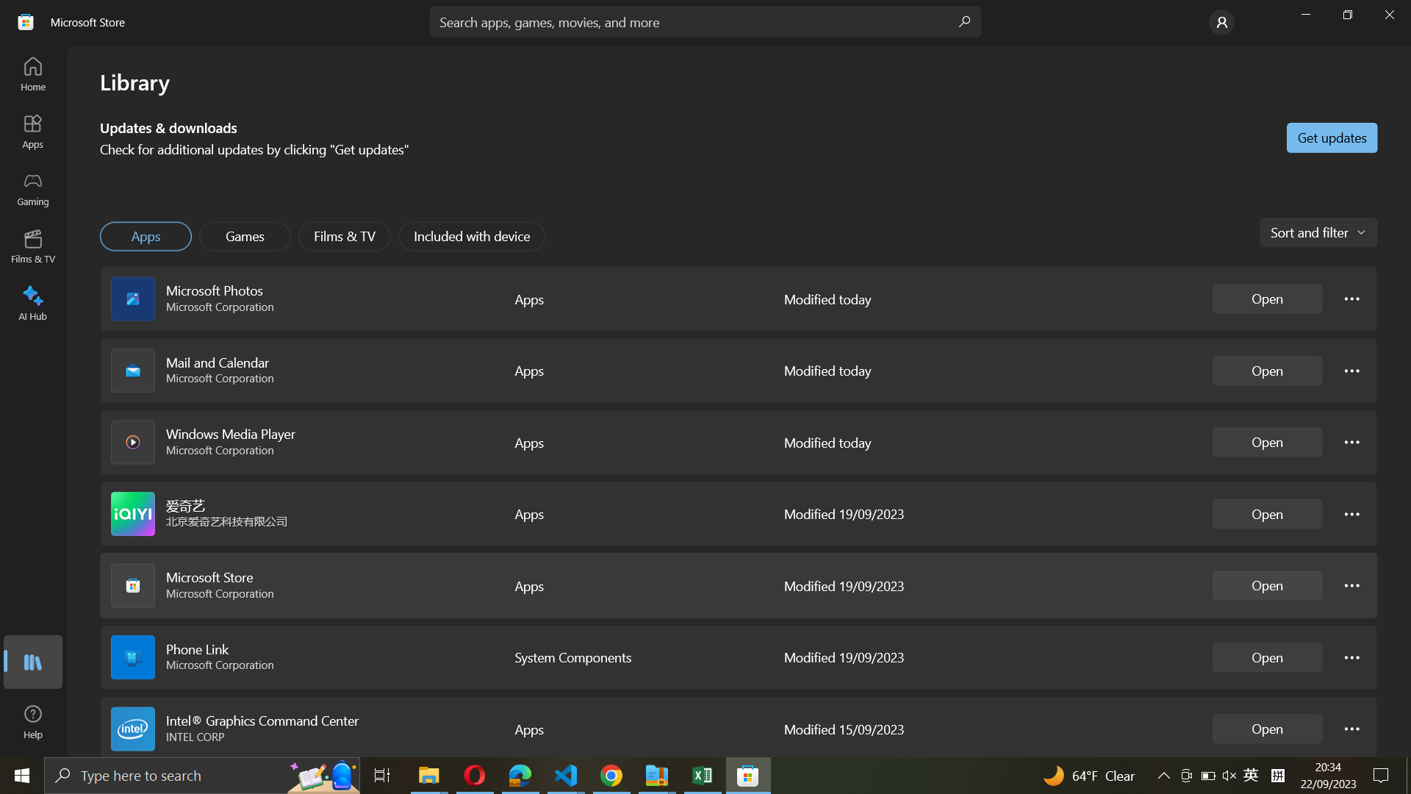 This screenshot has width=1411, height=794. Describe the element at coordinates (473, 235) in the screenshot. I see `"Included with device" button` at that location.